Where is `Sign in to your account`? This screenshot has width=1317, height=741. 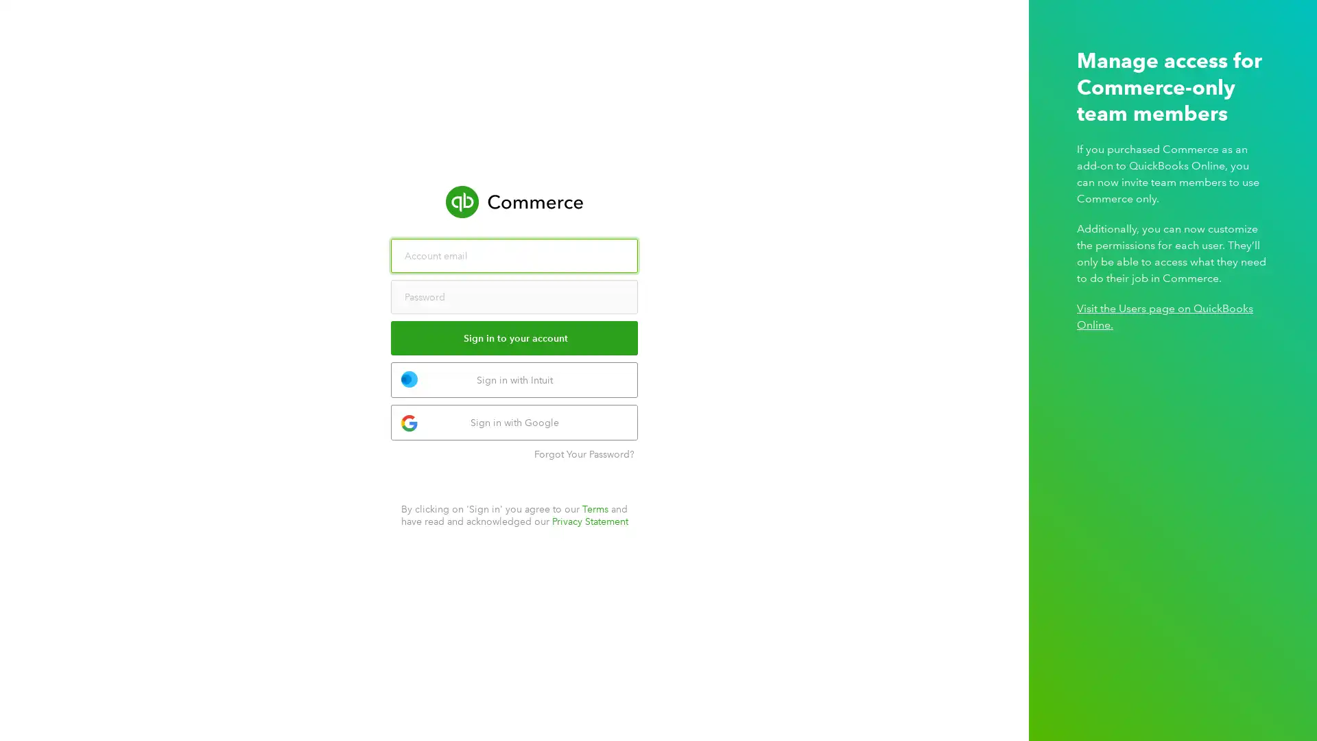 Sign in to your account is located at coordinates (513, 338).